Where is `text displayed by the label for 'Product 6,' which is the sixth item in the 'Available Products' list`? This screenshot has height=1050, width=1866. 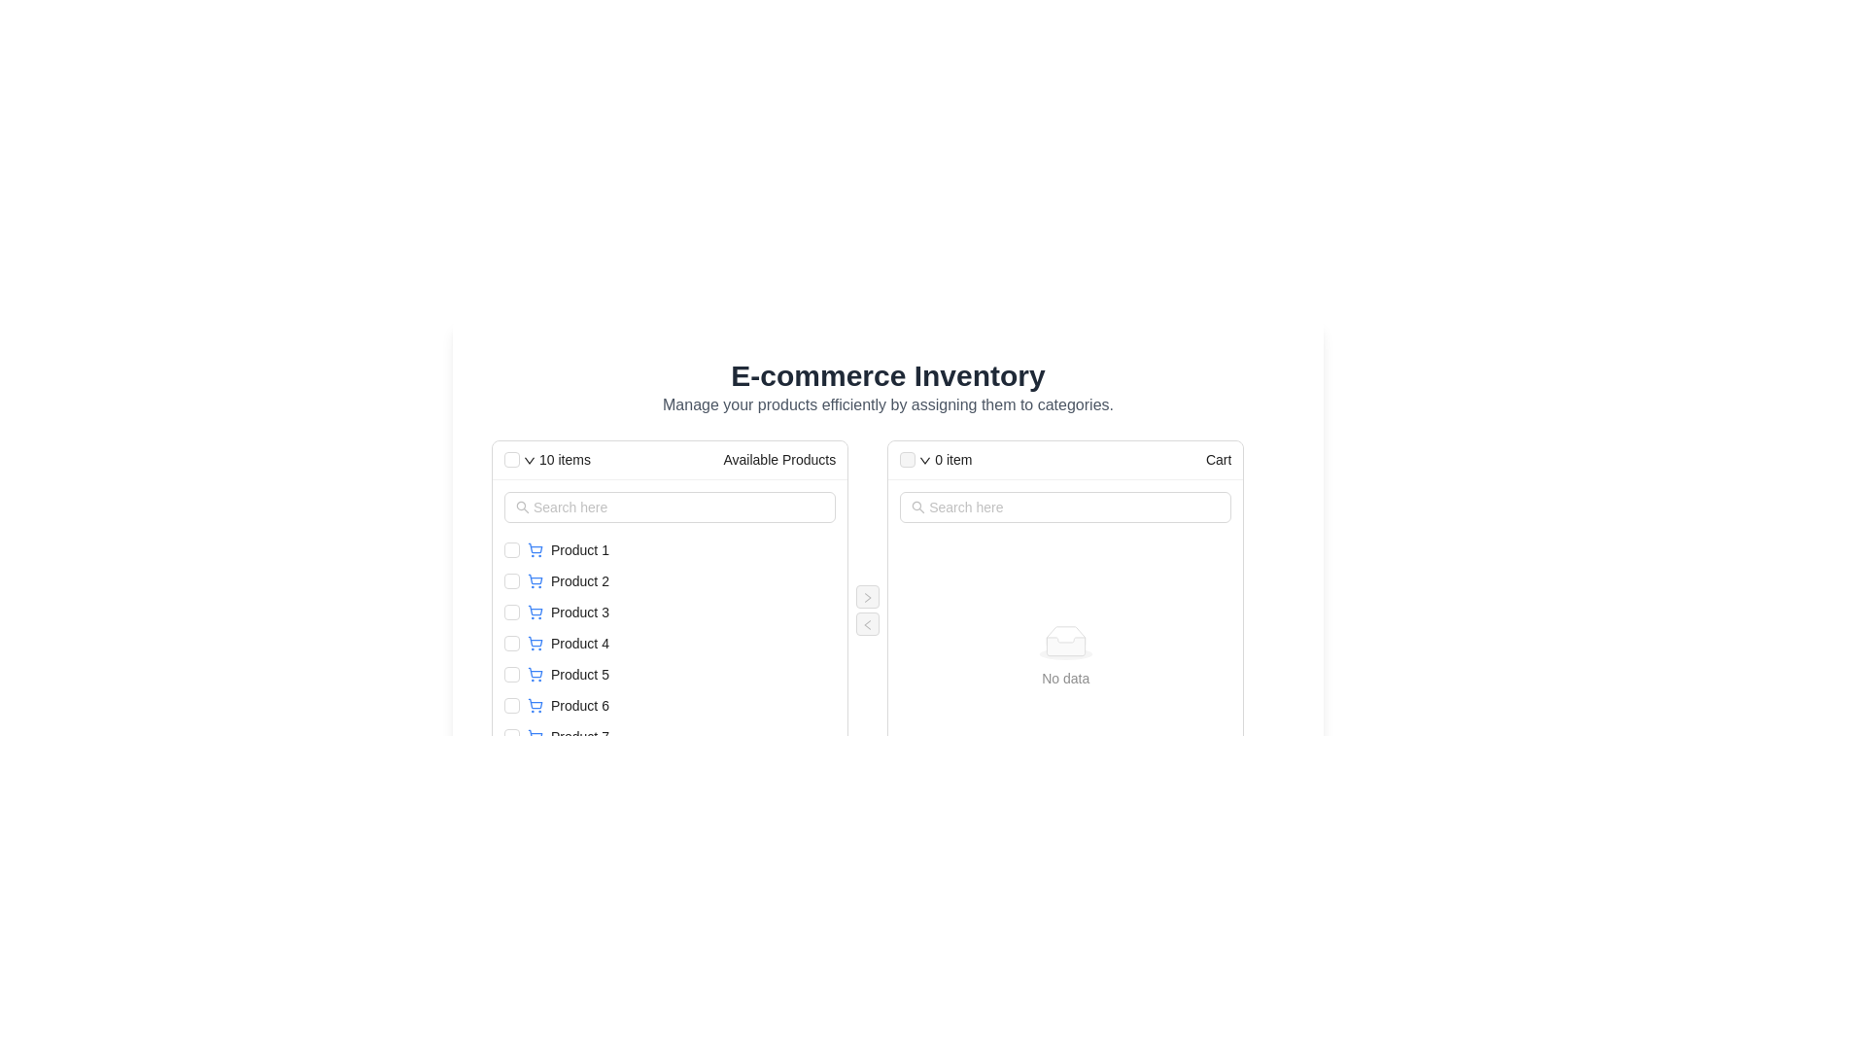 text displayed by the label for 'Product 6,' which is the sixth item in the 'Available Products' list is located at coordinates (578, 705).